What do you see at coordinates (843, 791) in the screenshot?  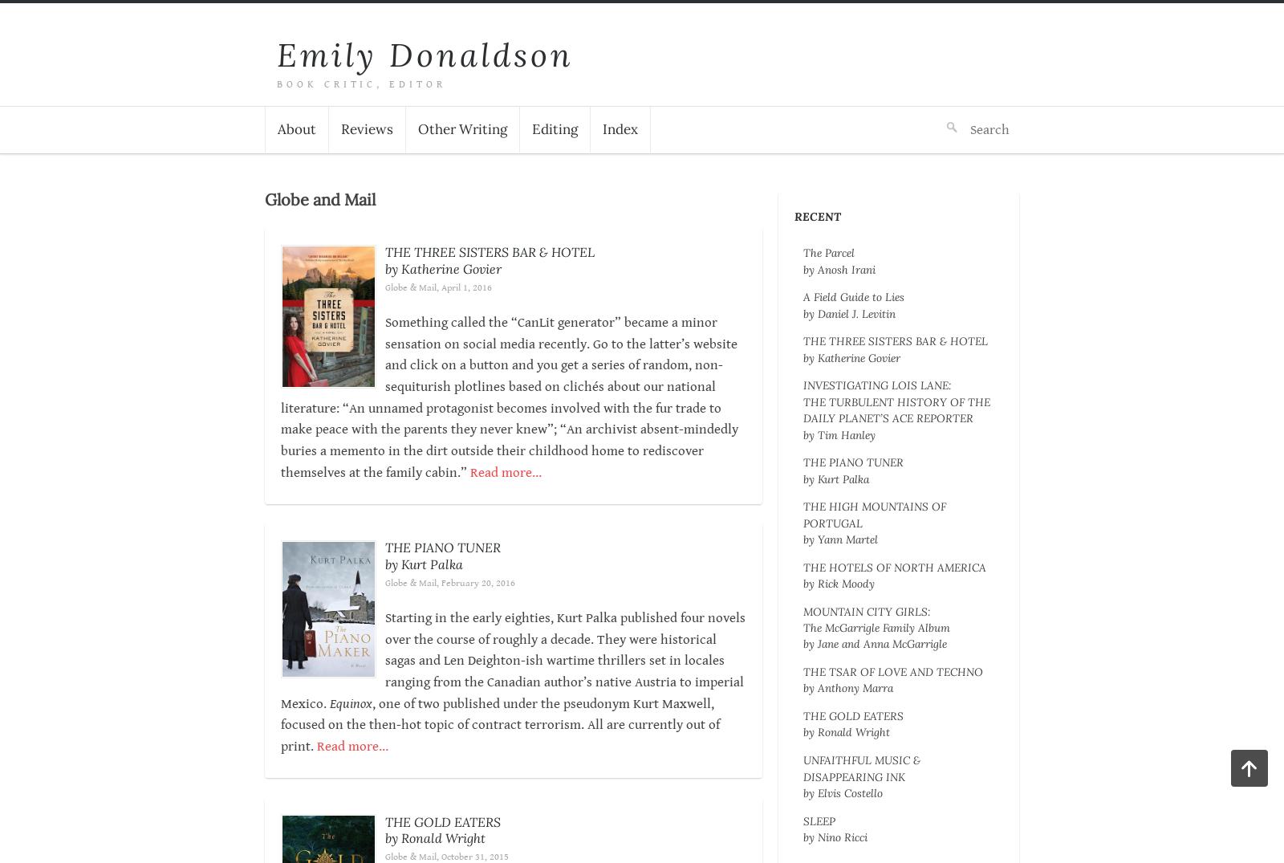 I see `'by Elvis Costello'` at bounding box center [843, 791].